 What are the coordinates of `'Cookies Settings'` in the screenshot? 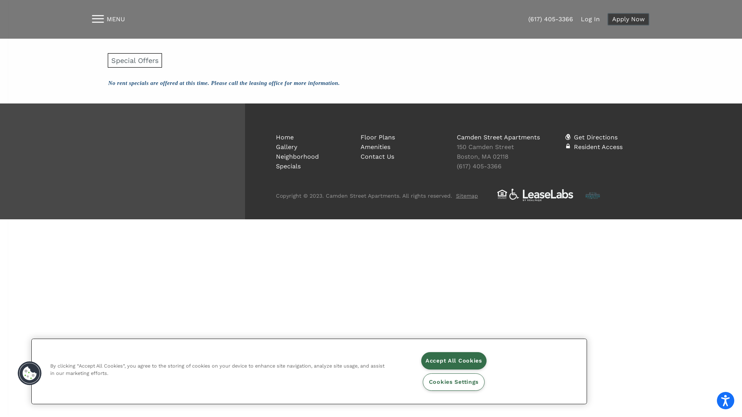 It's located at (454, 381).